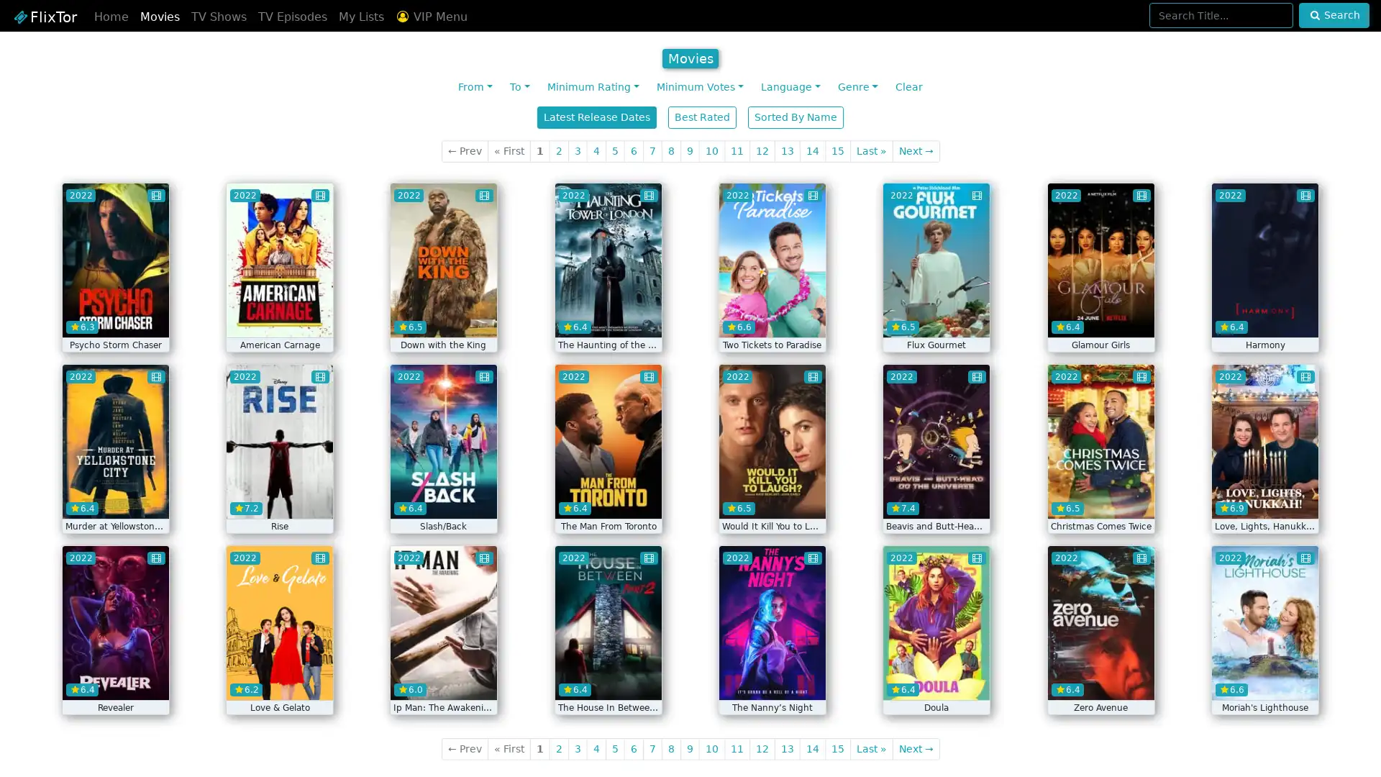  What do you see at coordinates (1100, 496) in the screenshot?
I see `Watch Now` at bounding box center [1100, 496].